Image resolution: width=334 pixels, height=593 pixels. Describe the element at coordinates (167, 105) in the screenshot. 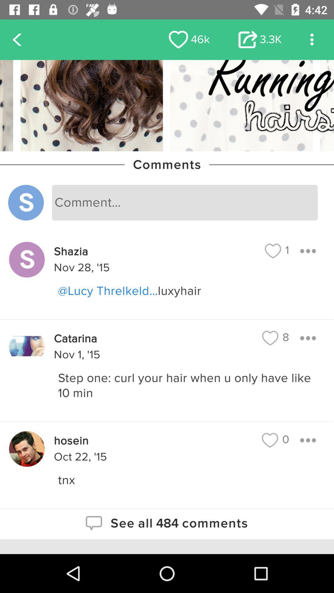

I see `click advertisement image` at that location.